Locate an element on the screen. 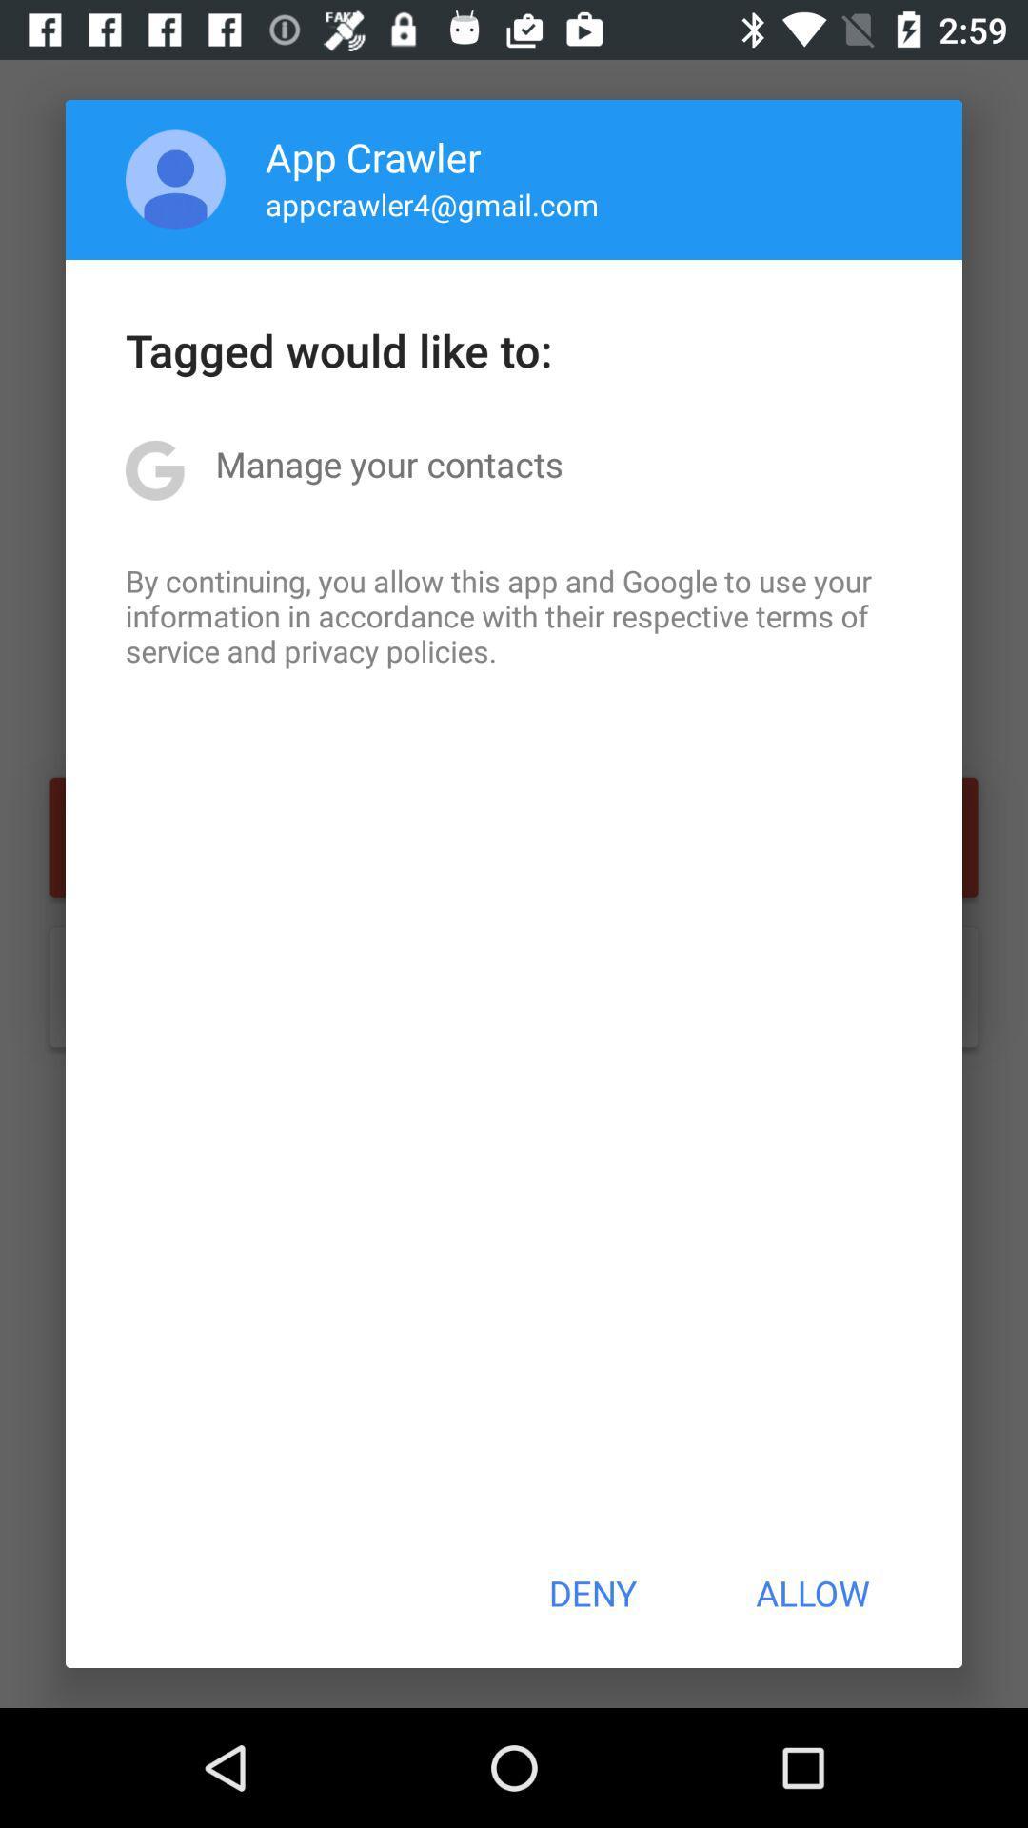  the app crawler is located at coordinates (373, 156).